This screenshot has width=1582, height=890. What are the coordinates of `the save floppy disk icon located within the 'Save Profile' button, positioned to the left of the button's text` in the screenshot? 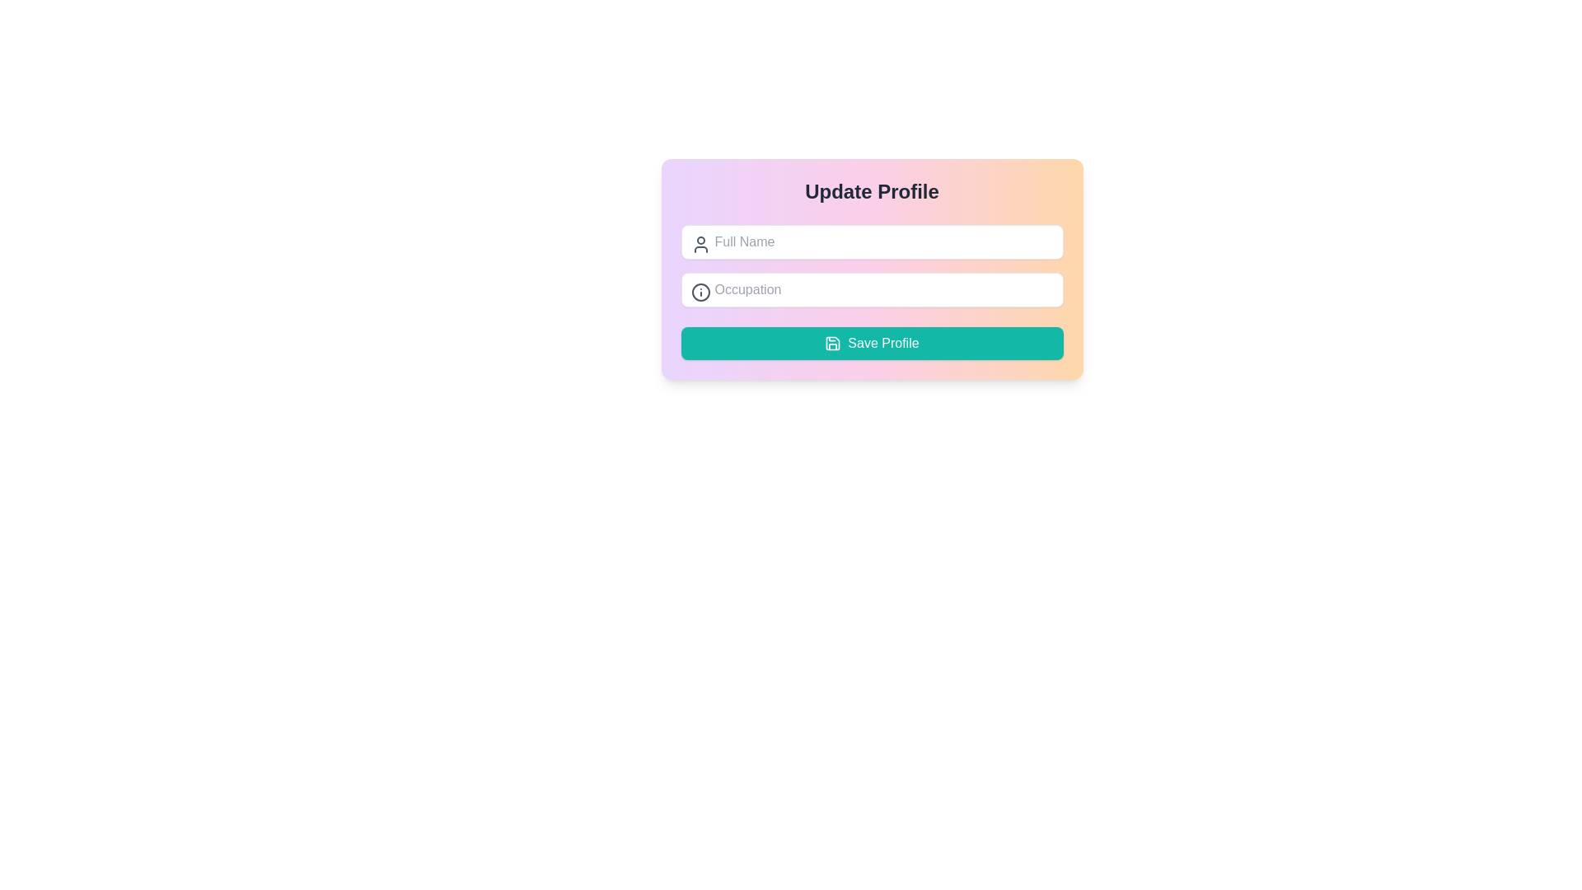 It's located at (833, 342).